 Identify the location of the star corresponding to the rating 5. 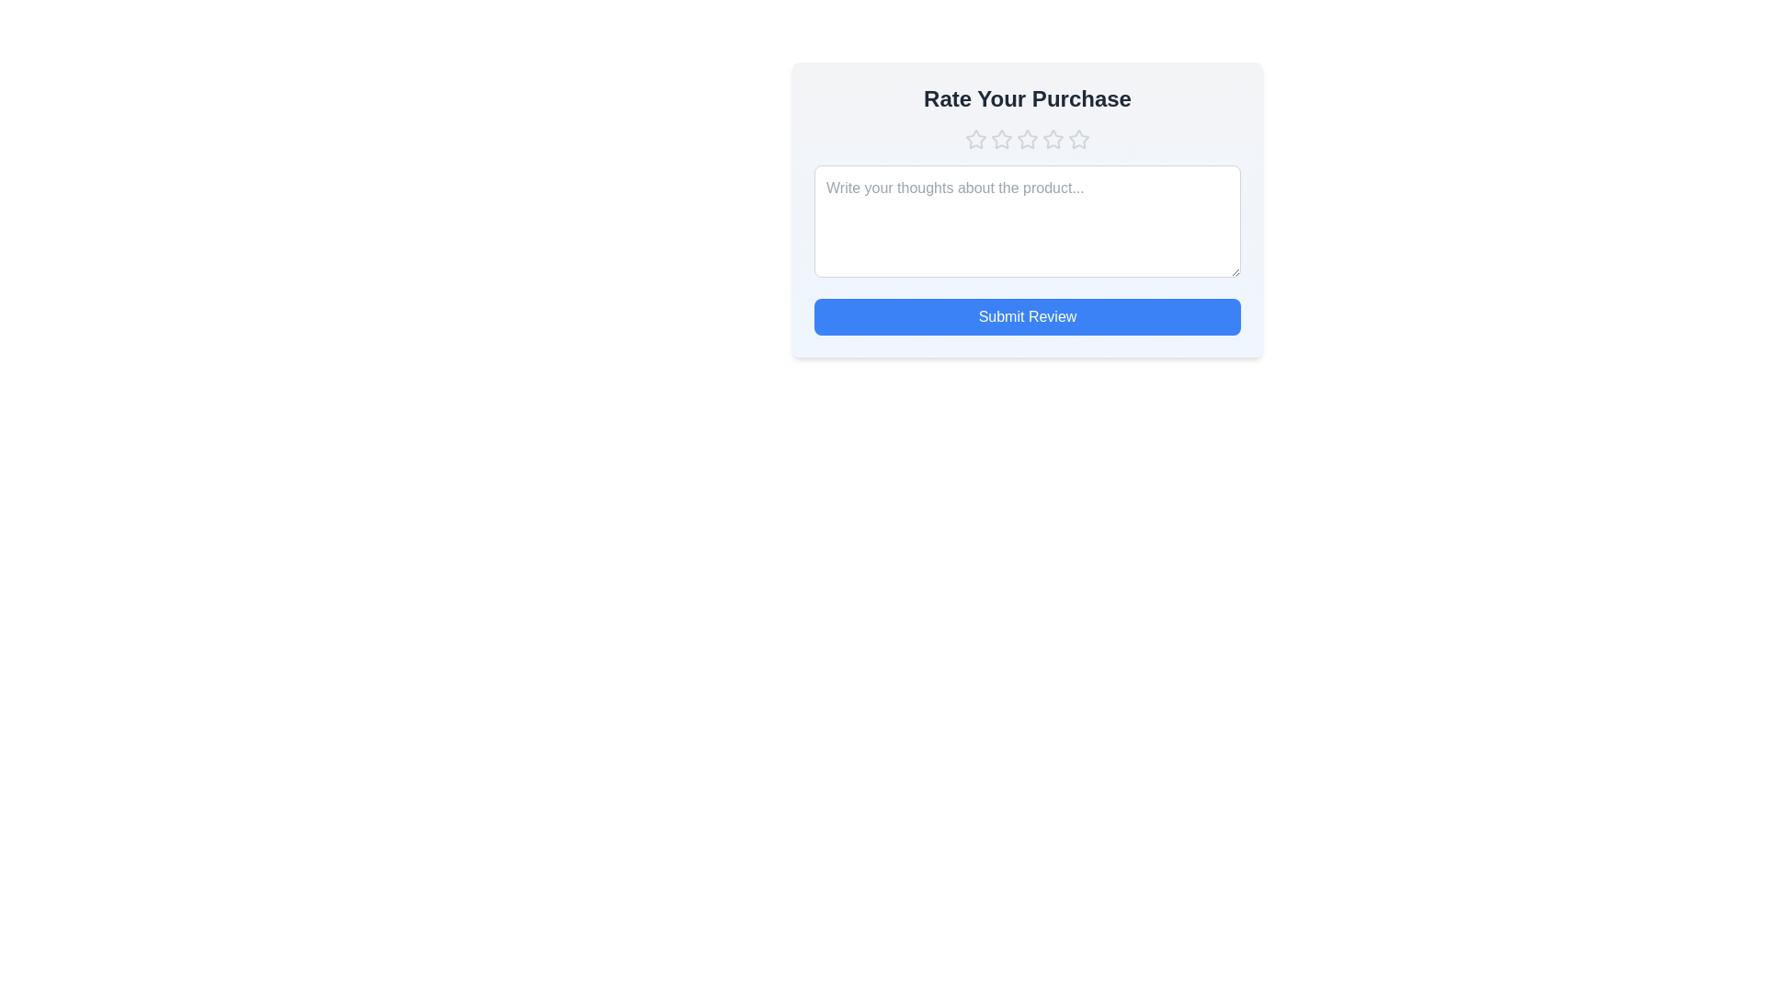
(1079, 138).